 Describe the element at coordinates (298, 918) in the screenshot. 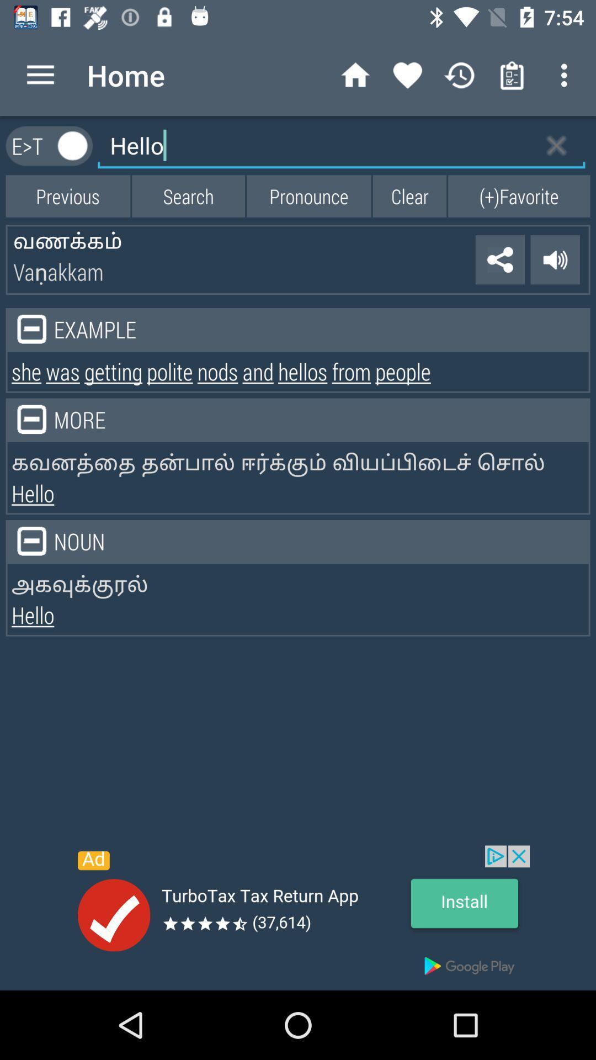

I see `install turbotax` at that location.